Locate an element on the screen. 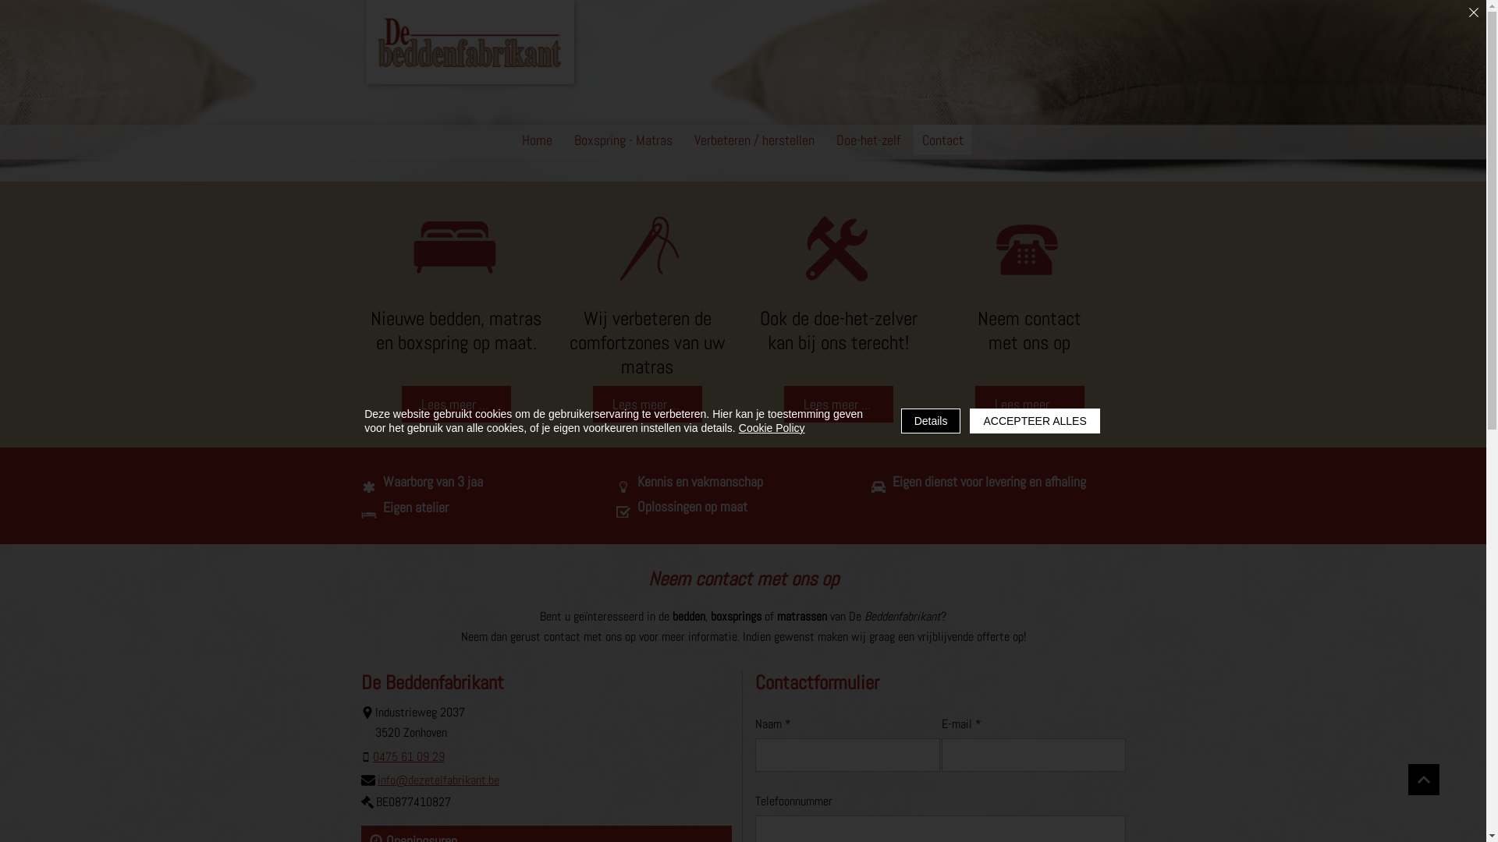 Image resolution: width=1498 pixels, height=842 pixels. 'Cookie Policy' is located at coordinates (772, 427).